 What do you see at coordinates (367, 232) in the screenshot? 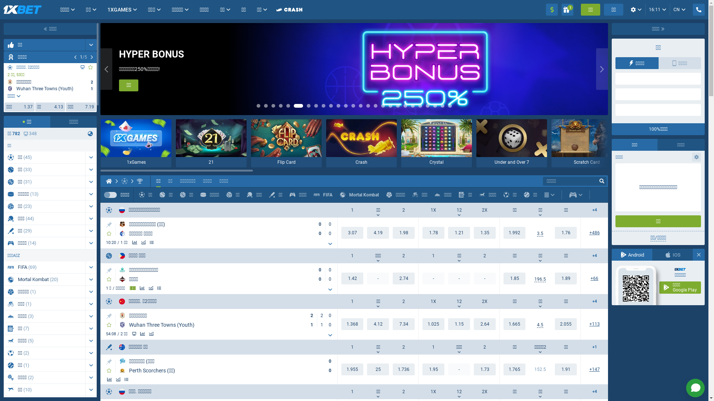
I see `'4.19'` at bounding box center [367, 232].